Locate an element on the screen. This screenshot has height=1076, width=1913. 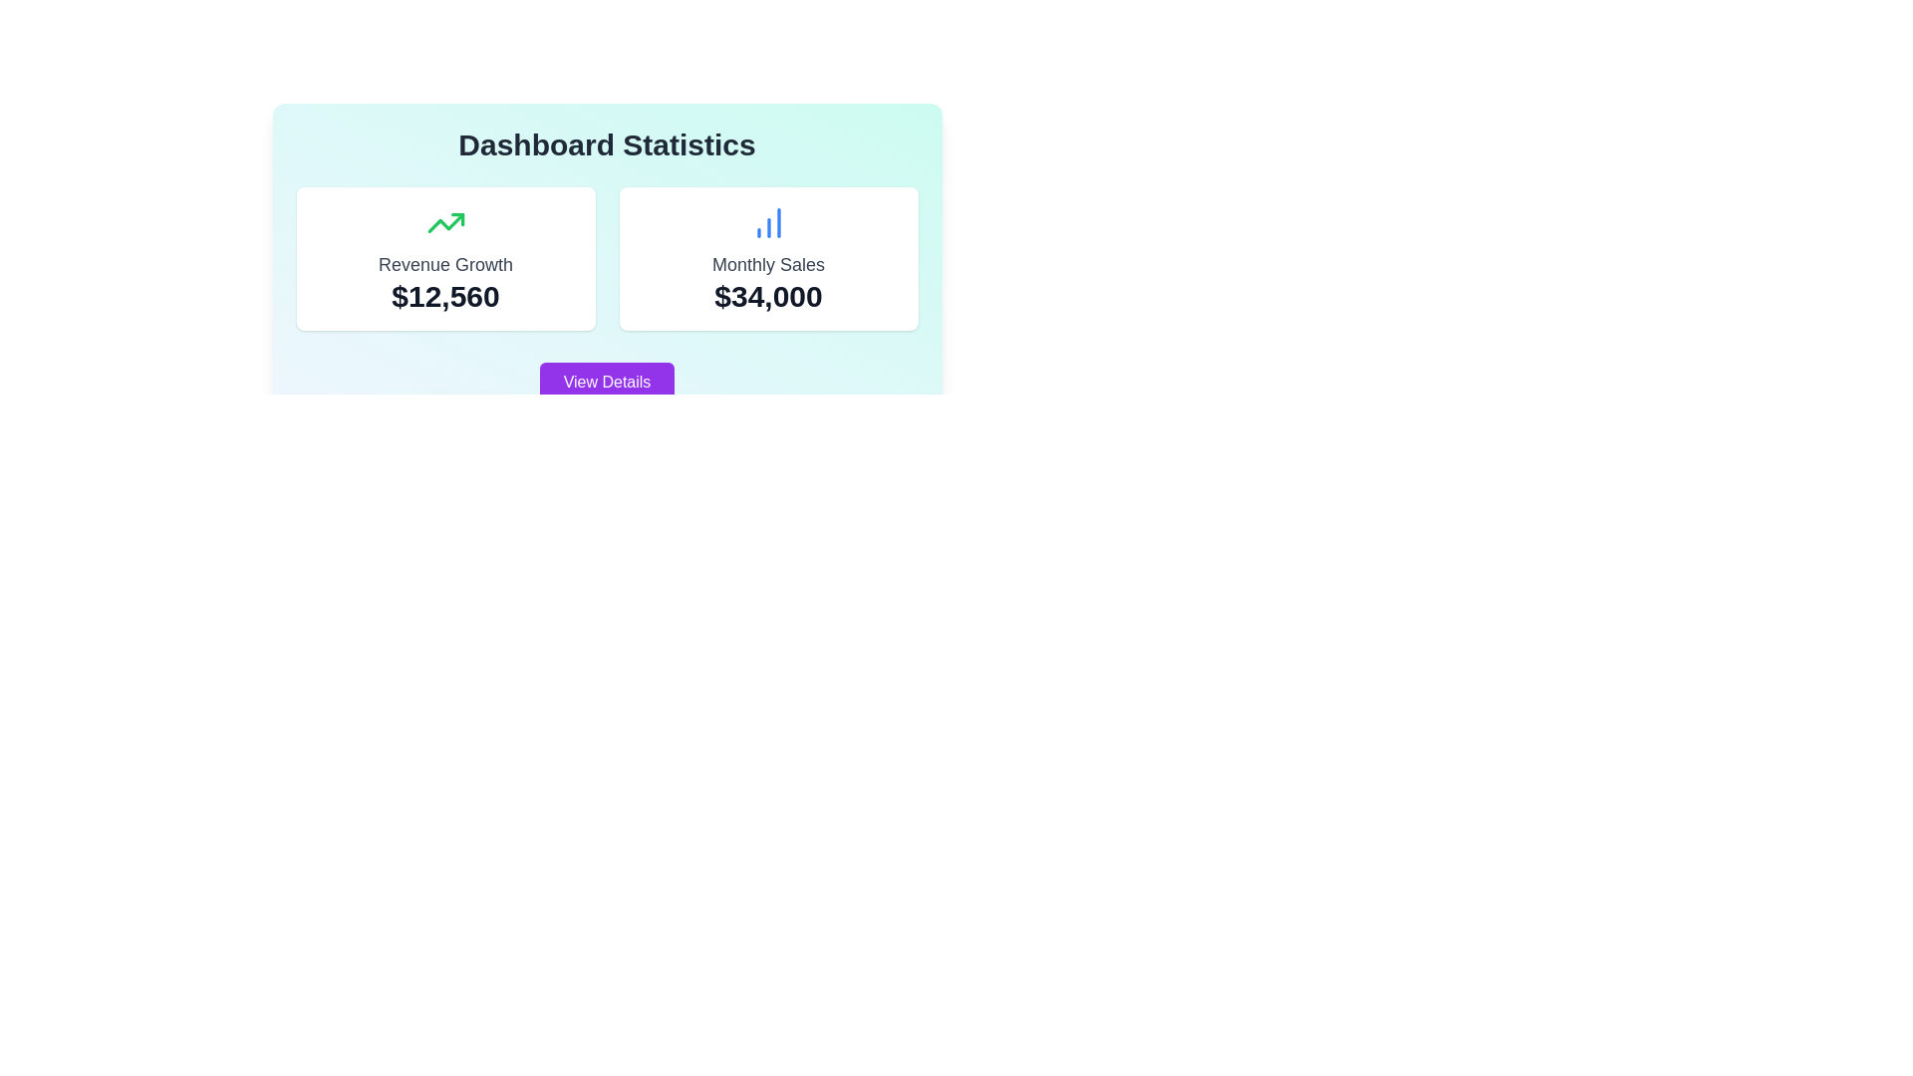
the static text label displaying 'Monthly Sales', which is located centrally within a card on the right side of the comparison interface, below a chart icon and above a bold sales amount is located at coordinates (767, 264).